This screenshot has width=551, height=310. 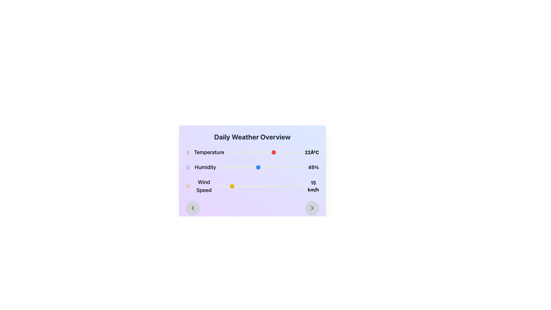 I want to click on the wind speed, so click(x=254, y=186).